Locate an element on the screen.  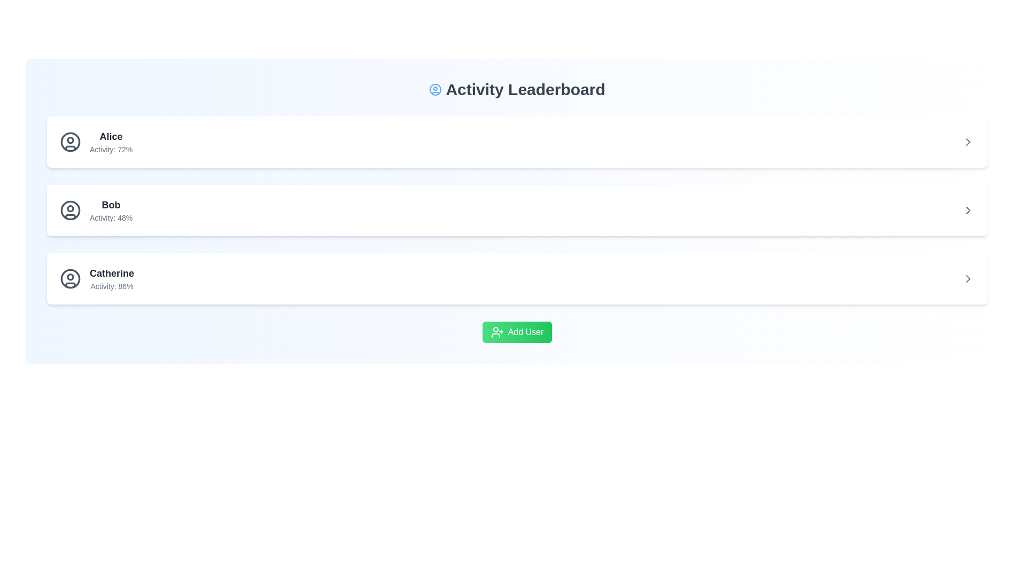
the decorative icon within the green 'Add User' button located at the bottom center of the interface is located at coordinates (496, 331).